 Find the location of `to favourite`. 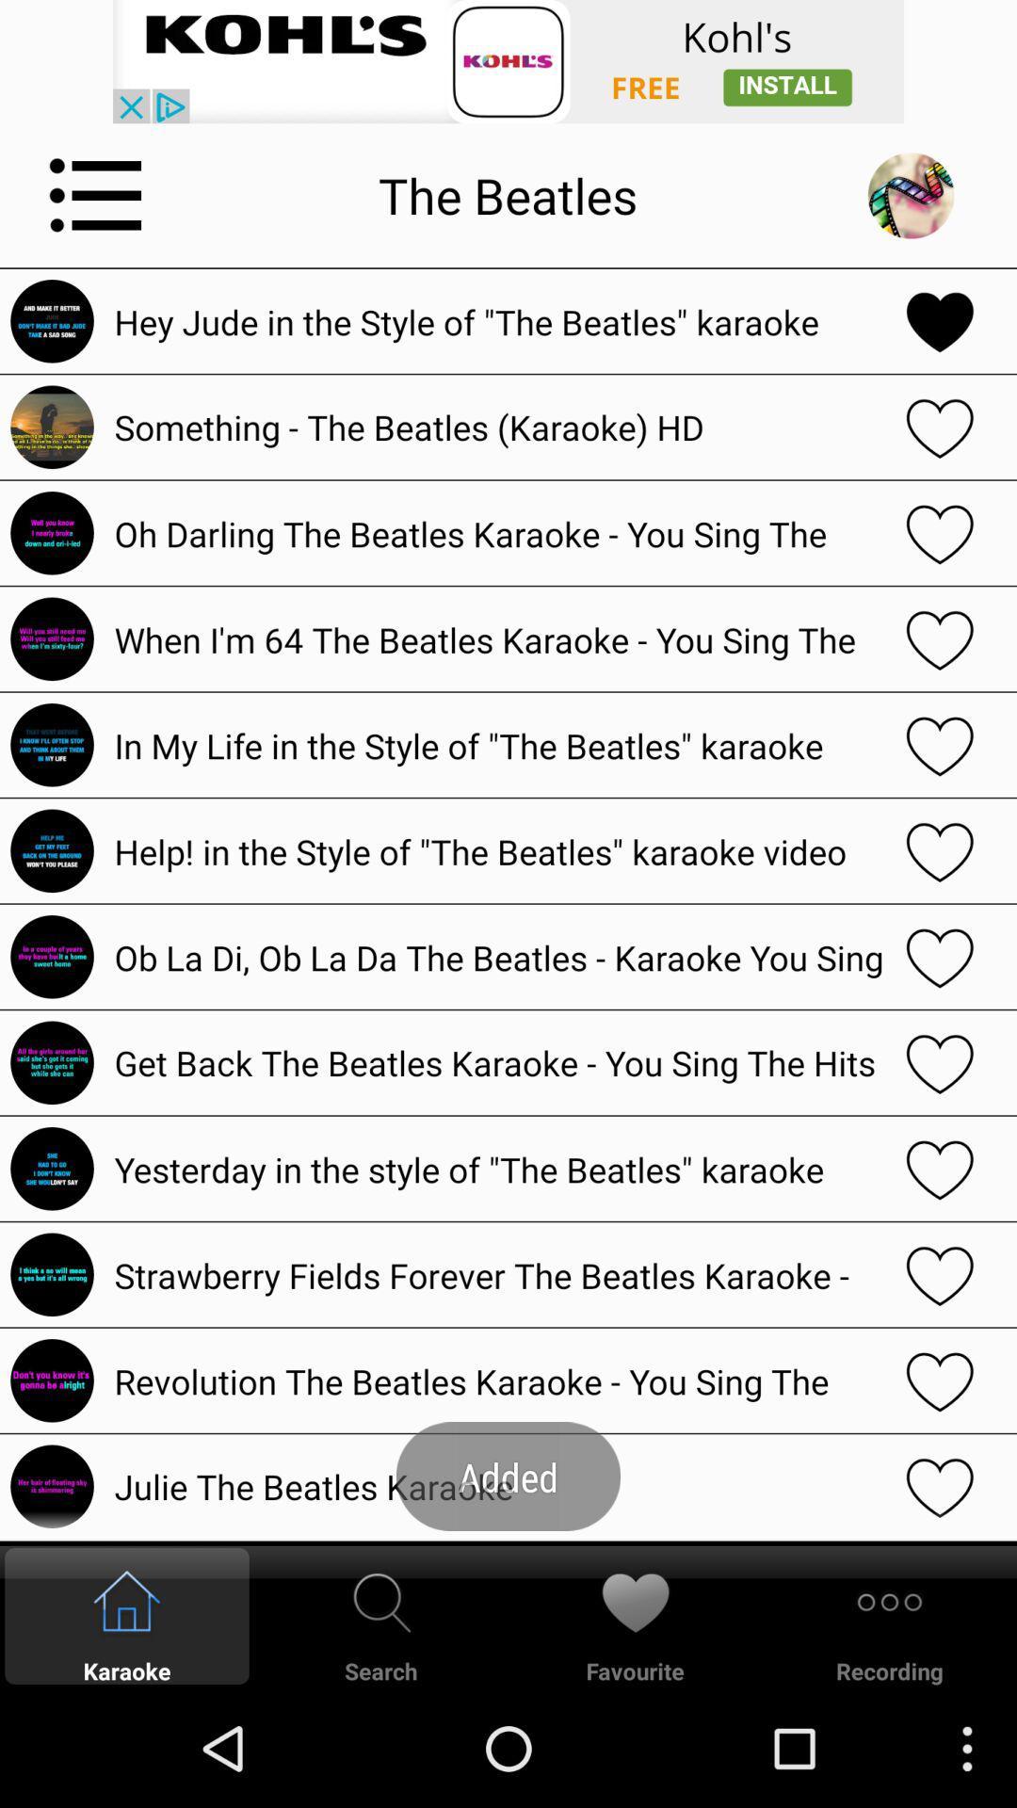

to favourite is located at coordinates (940, 321).